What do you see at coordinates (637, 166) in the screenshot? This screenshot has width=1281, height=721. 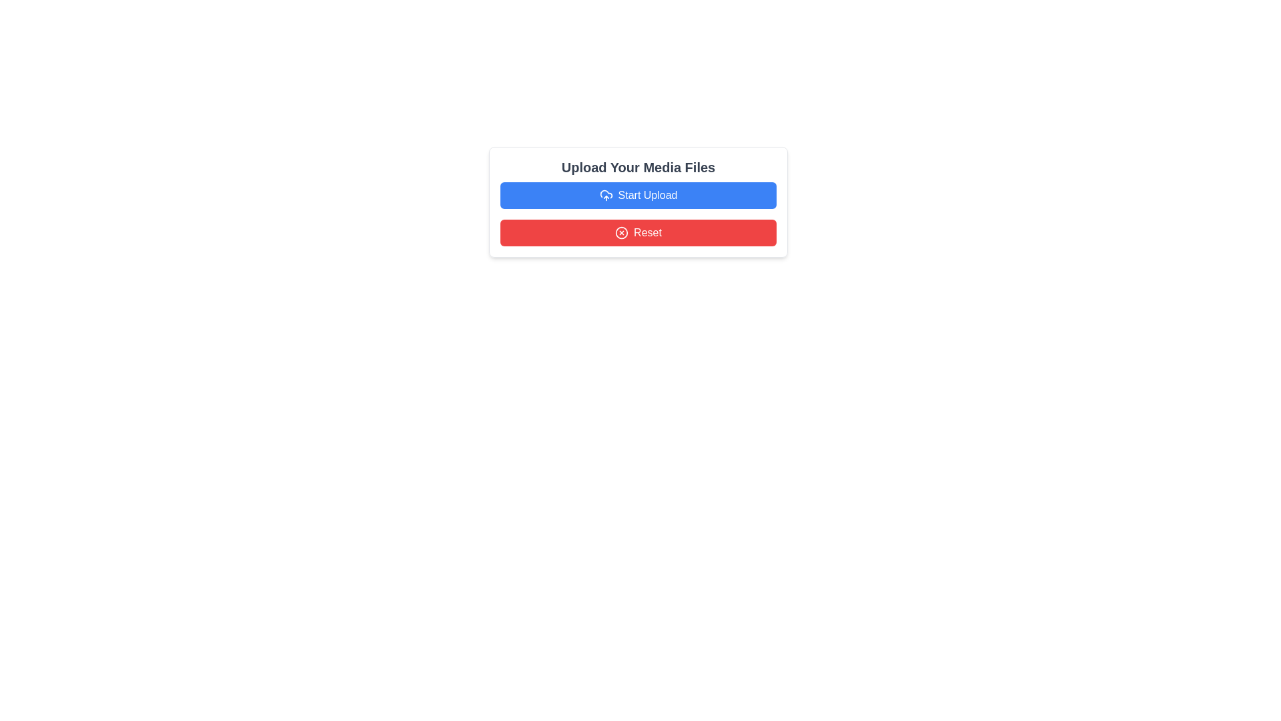 I see `the static text heading element that reads 'Upload Your Media Files', which is presented in bold dark gray font at the top of the media upload section` at bounding box center [637, 166].